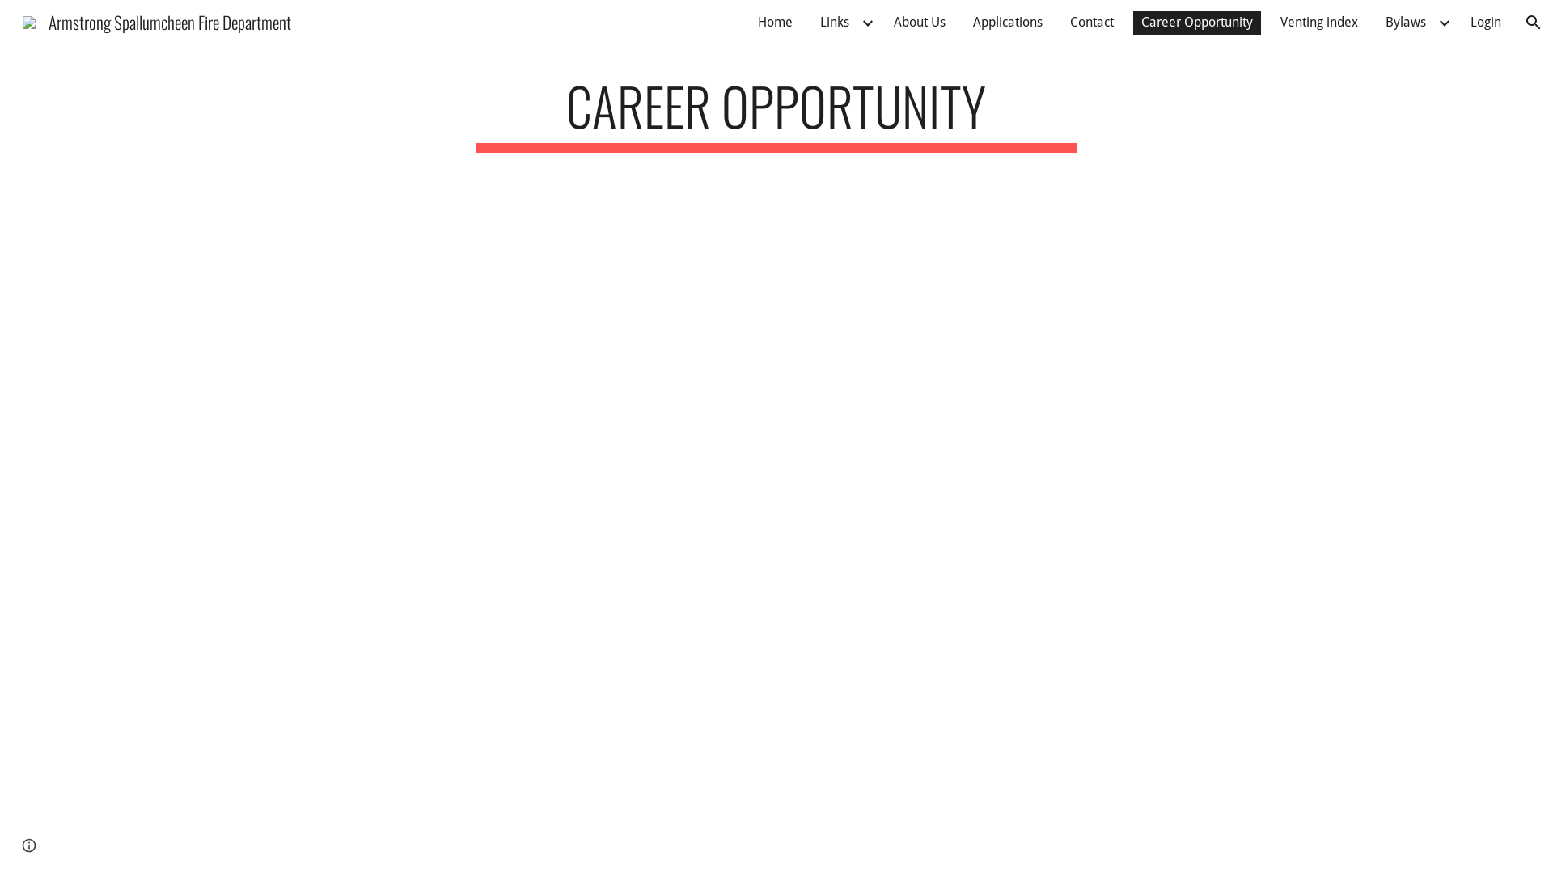 The height and width of the screenshot is (873, 1553). Describe the element at coordinates (1007, 22) in the screenshot. I see `'Applications'` at that location.